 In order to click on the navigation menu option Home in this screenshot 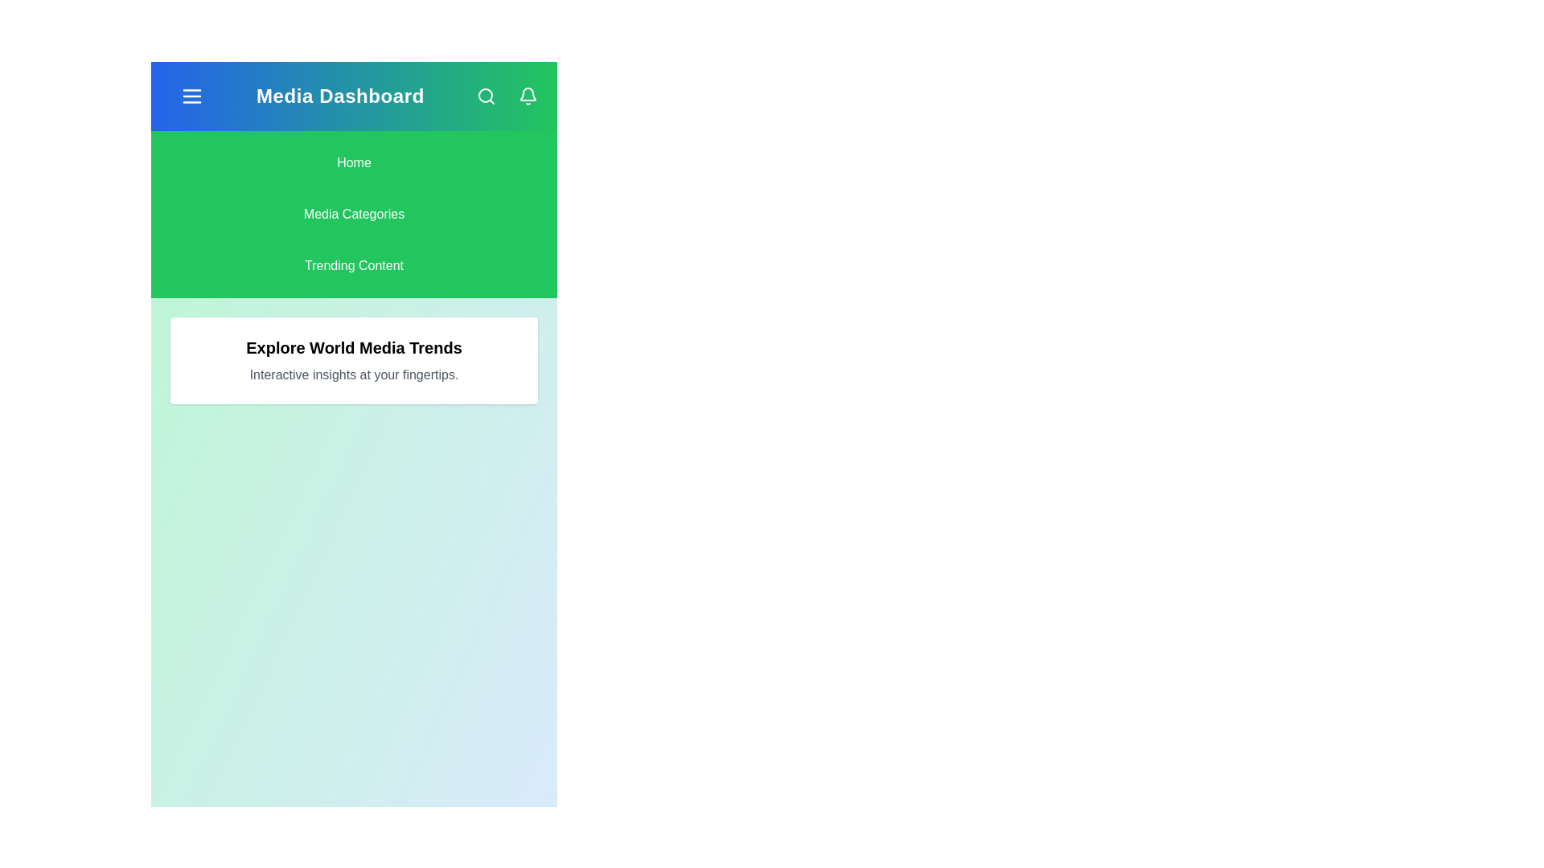, I will do `click(353, 163)`.